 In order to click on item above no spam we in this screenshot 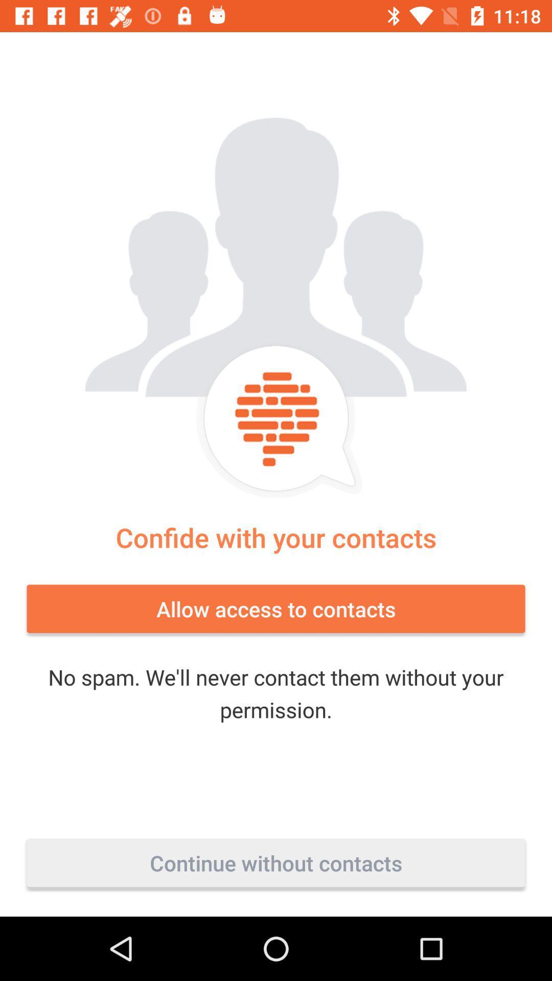, I will do `click(276, 609)`.